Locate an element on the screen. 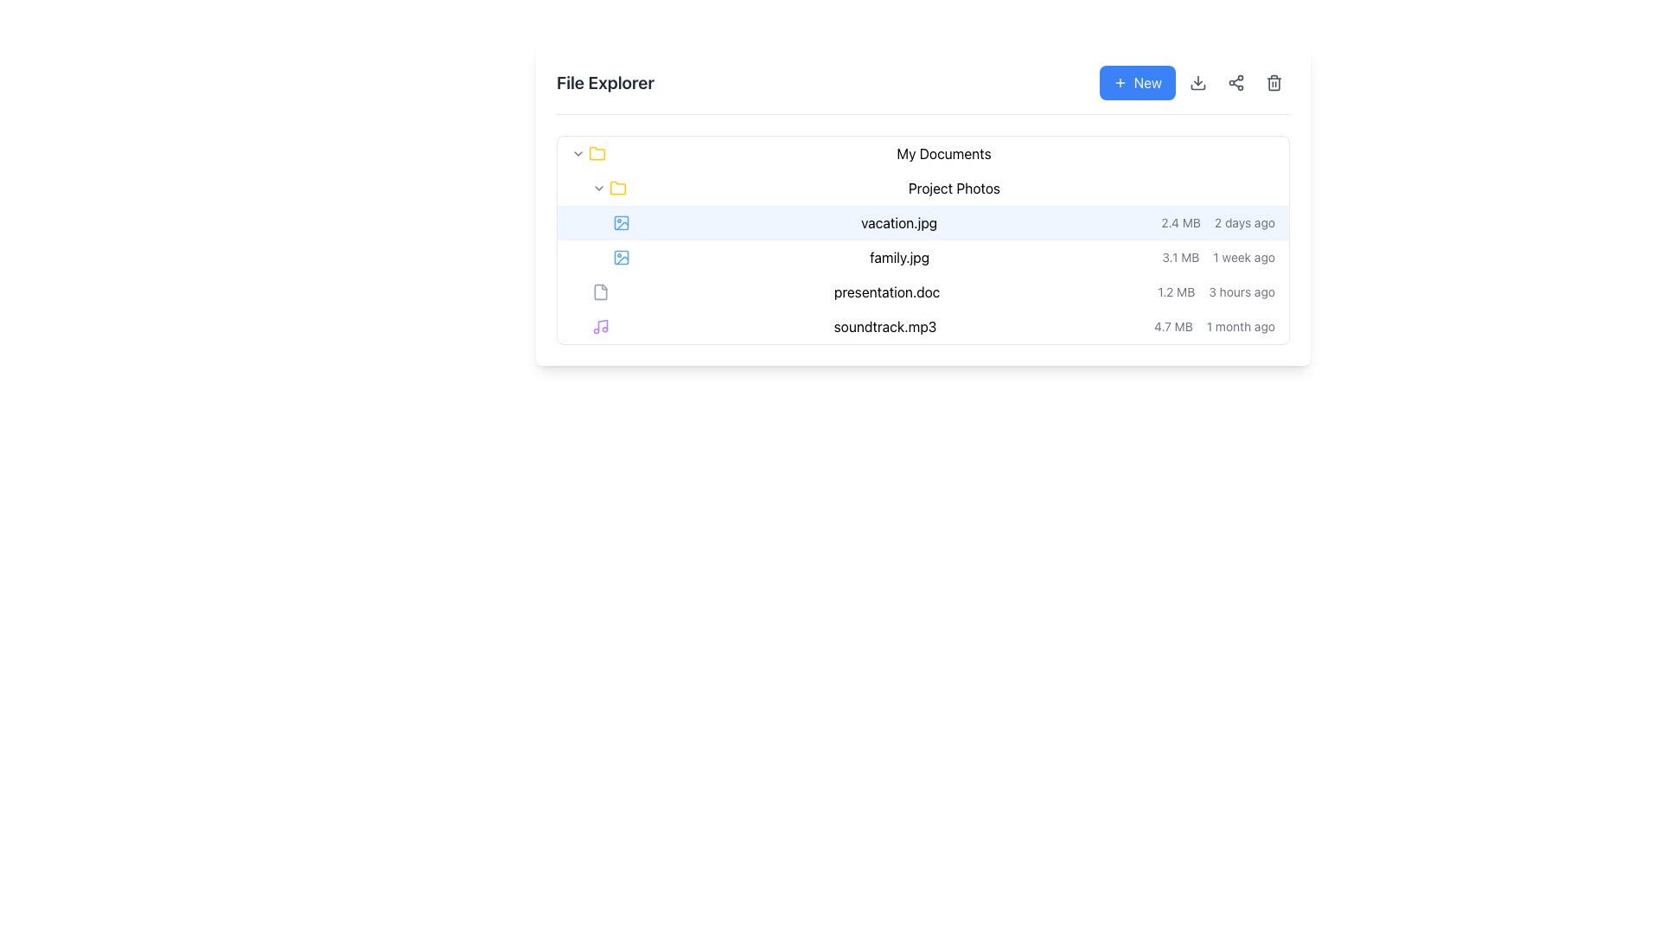  the text label displaying the name of a file is located at coordinates (899, 257).